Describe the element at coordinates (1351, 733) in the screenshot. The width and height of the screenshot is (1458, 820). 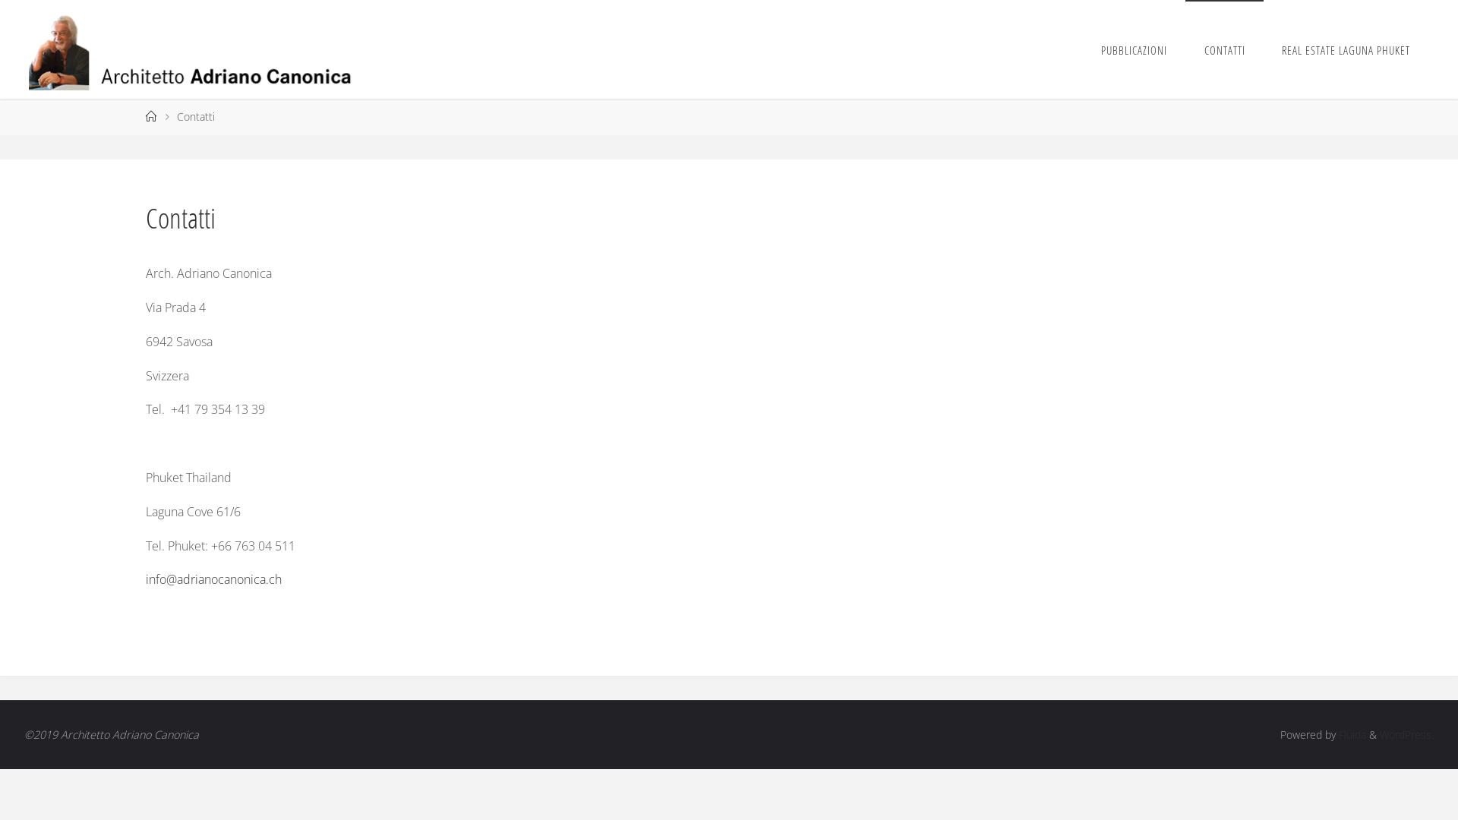
I see `'Fluida'` at that location.